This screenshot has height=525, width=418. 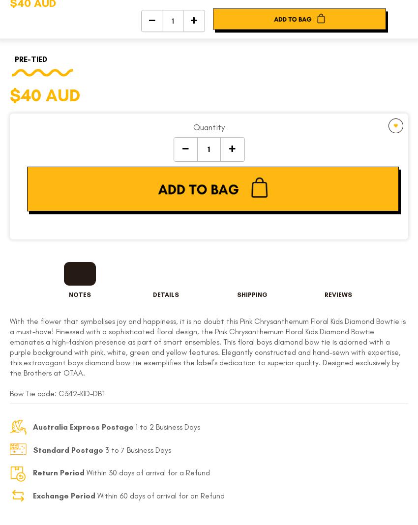 What do you see at coordinates (206, 226) in the screenshot?
I see `'Ships Within 1 Business Day  in'` at bounding box center [206, 226].